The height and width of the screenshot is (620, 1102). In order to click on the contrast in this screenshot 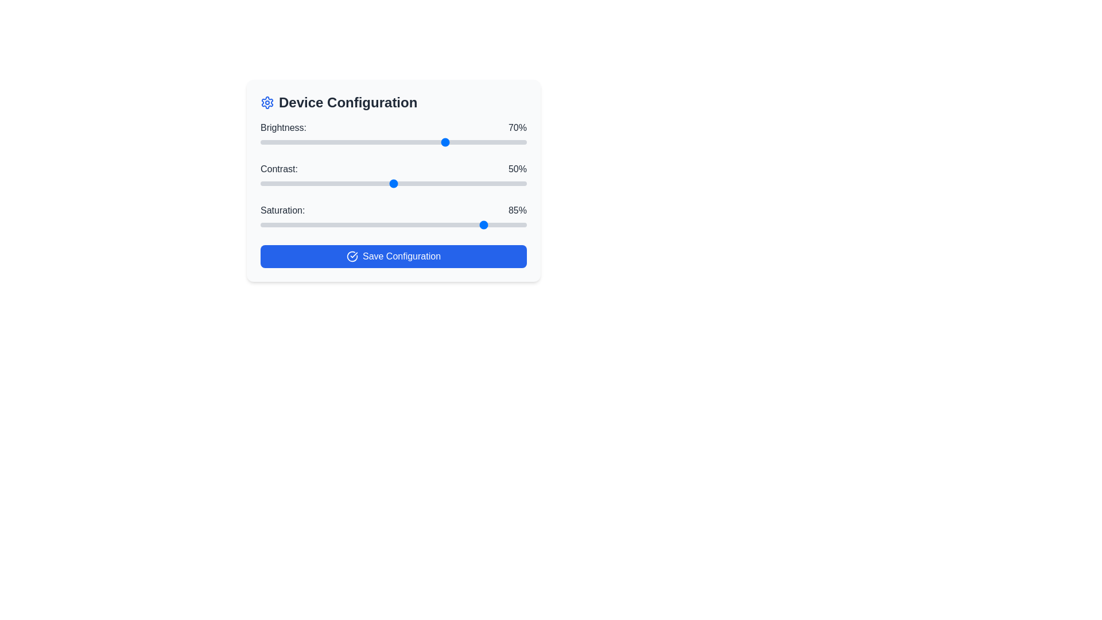, I will do `click(305, 183)`.